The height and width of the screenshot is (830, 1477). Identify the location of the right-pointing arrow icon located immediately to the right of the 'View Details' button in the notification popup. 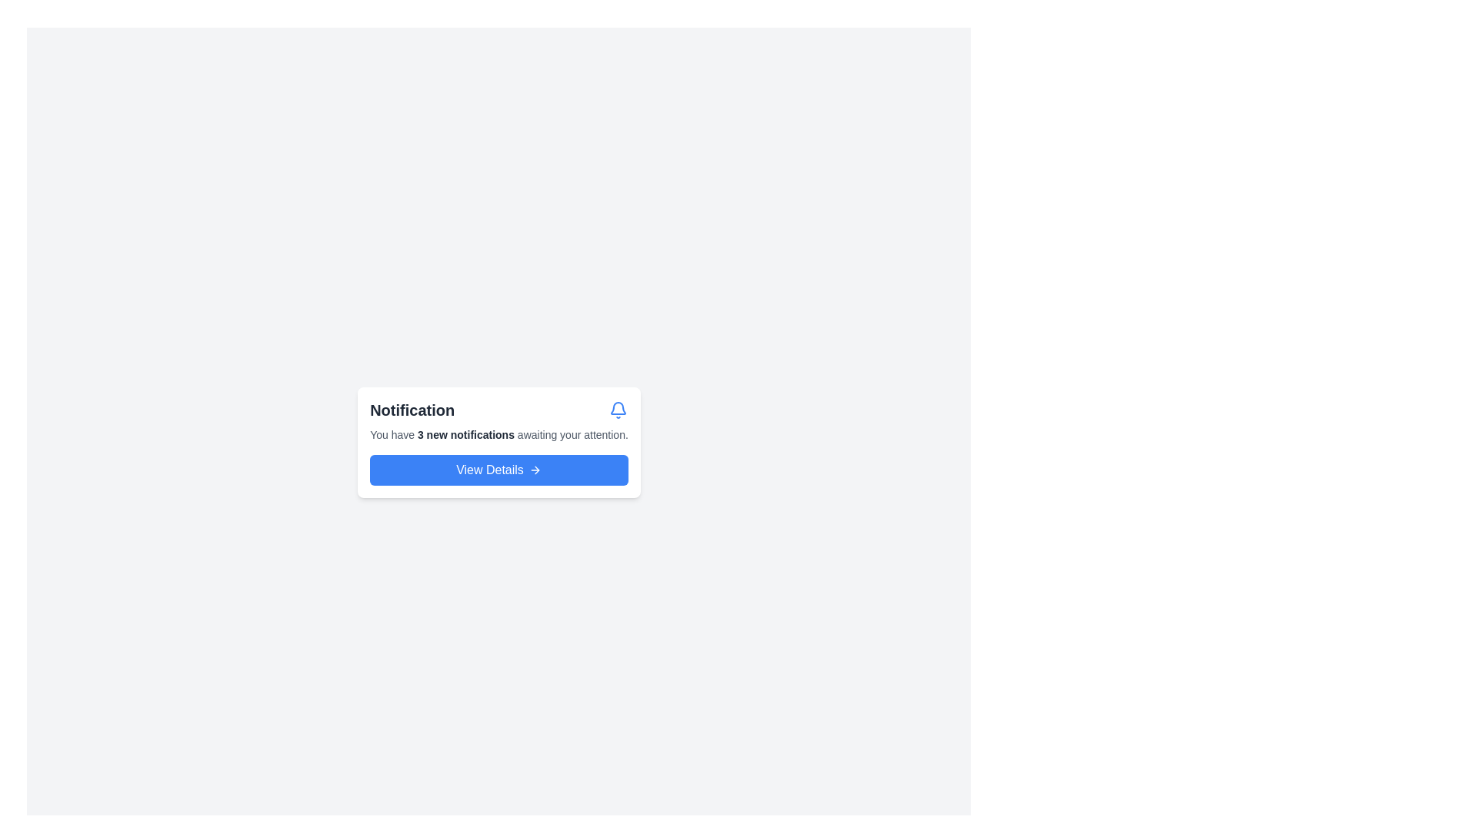
(537, 470).